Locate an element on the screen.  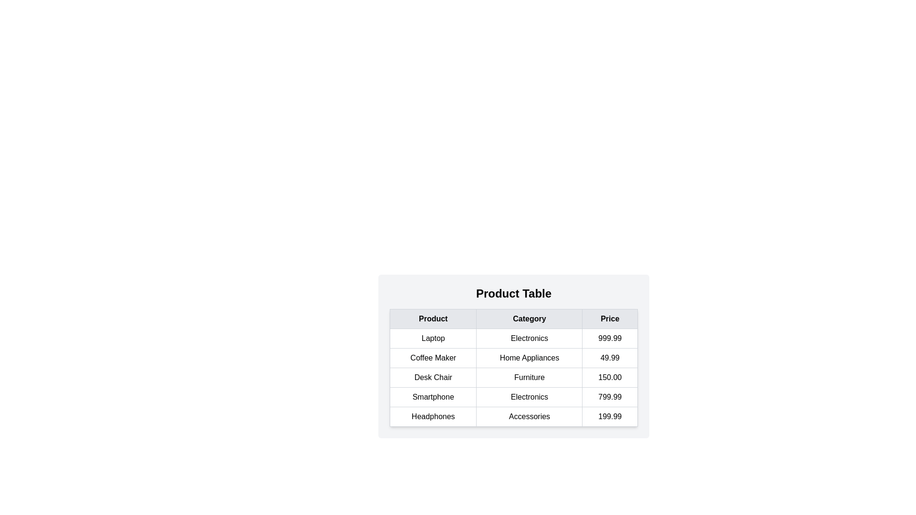
the 'Smartphone' text label in the 'Product Table', which is located in the first column under 'Product' is located at coordinates (433, 397).